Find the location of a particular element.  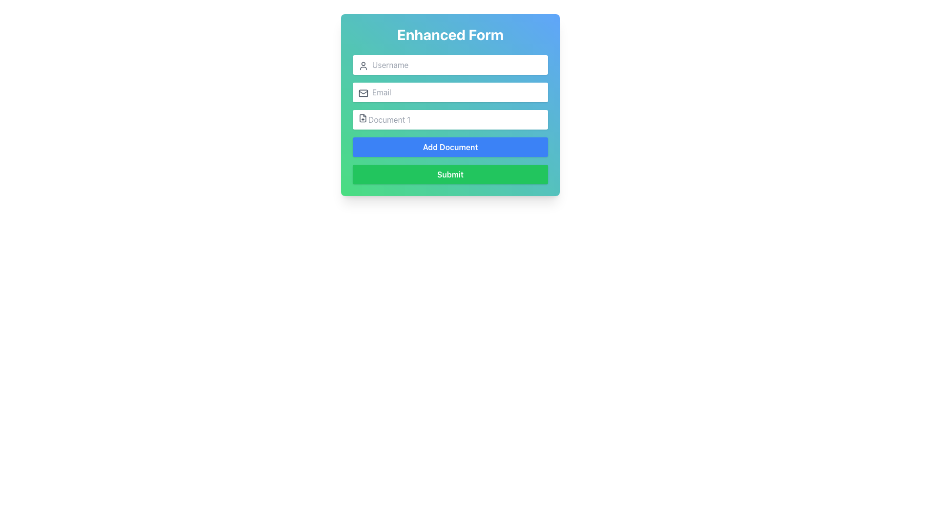

the submit button located below the 'Add Document' button to finalize and send the form data is located at coordinates (449, 174).